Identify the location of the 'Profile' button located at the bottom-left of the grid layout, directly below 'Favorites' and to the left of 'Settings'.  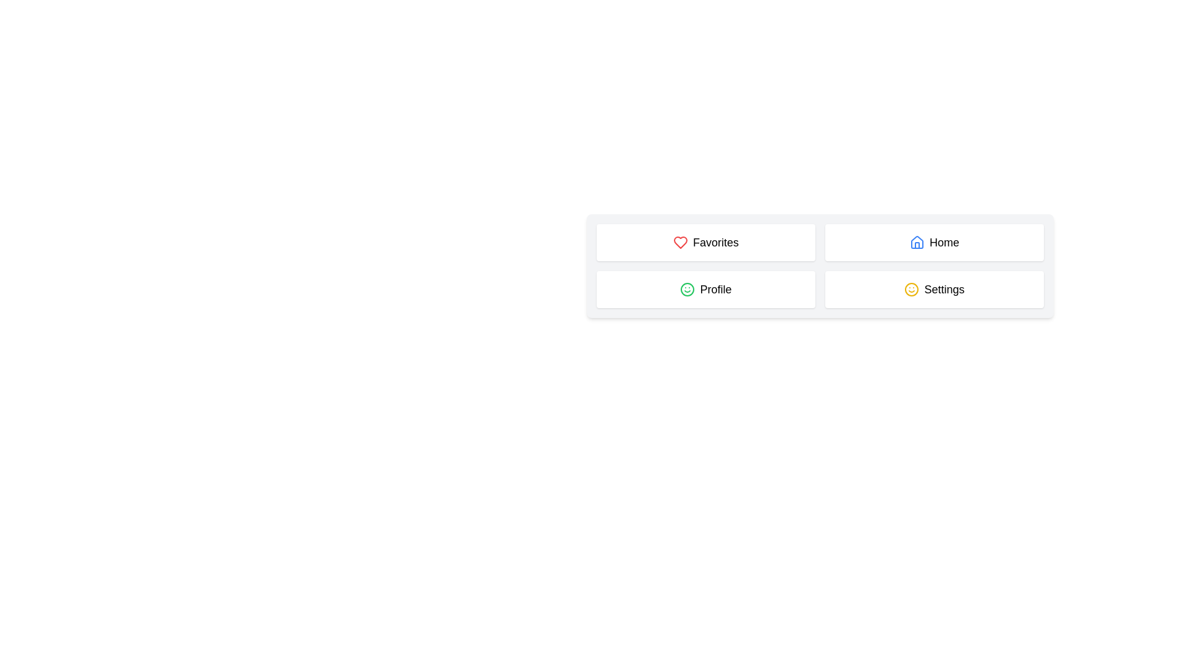
(705, 290).